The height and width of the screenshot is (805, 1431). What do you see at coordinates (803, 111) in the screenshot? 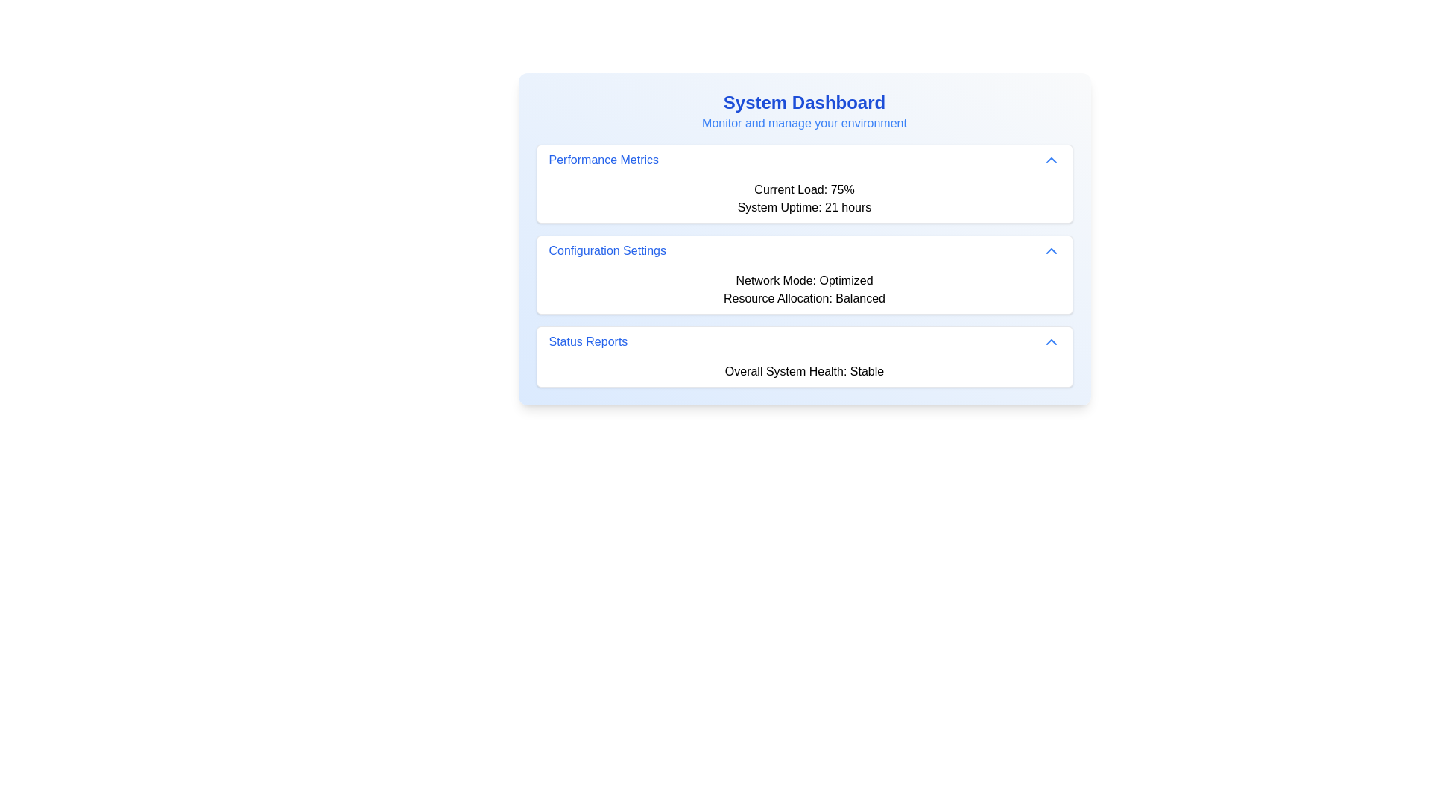
I see `the textual header of the card interface, which consists of two lines of blue text, with the first line larger and bolded, located at the top of the card above the sections 'Performance Metrics,' 'Configuration Settings,' and 'Status Reports.'` at bounding box center [803, 111].